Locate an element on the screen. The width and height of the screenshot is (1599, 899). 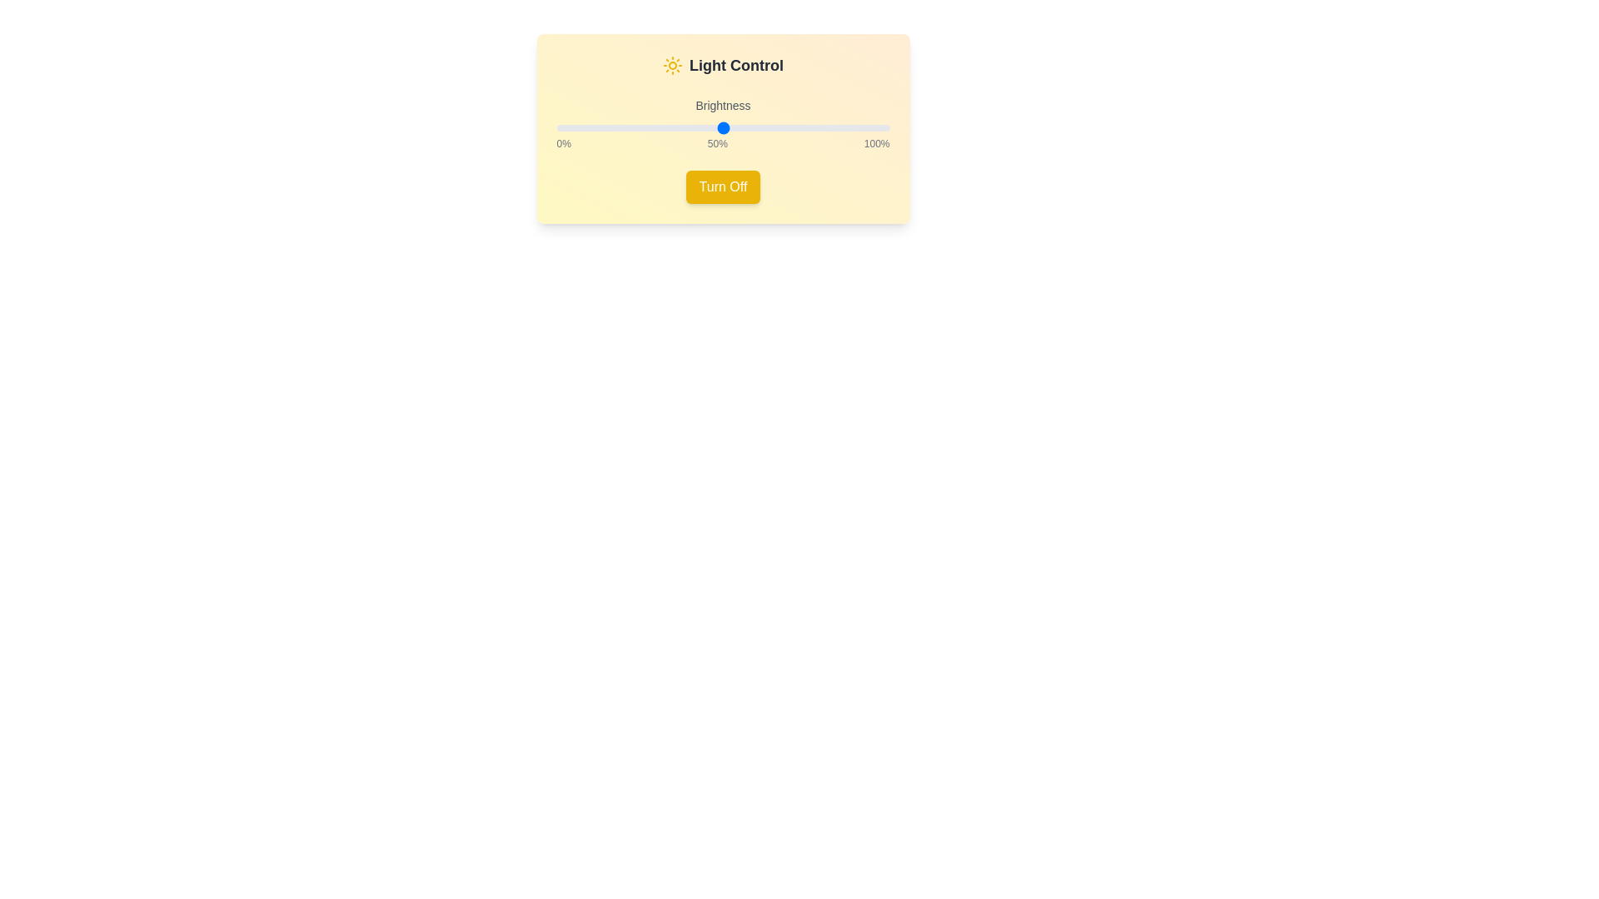
the brightness level is located at coordinates (806, 127).